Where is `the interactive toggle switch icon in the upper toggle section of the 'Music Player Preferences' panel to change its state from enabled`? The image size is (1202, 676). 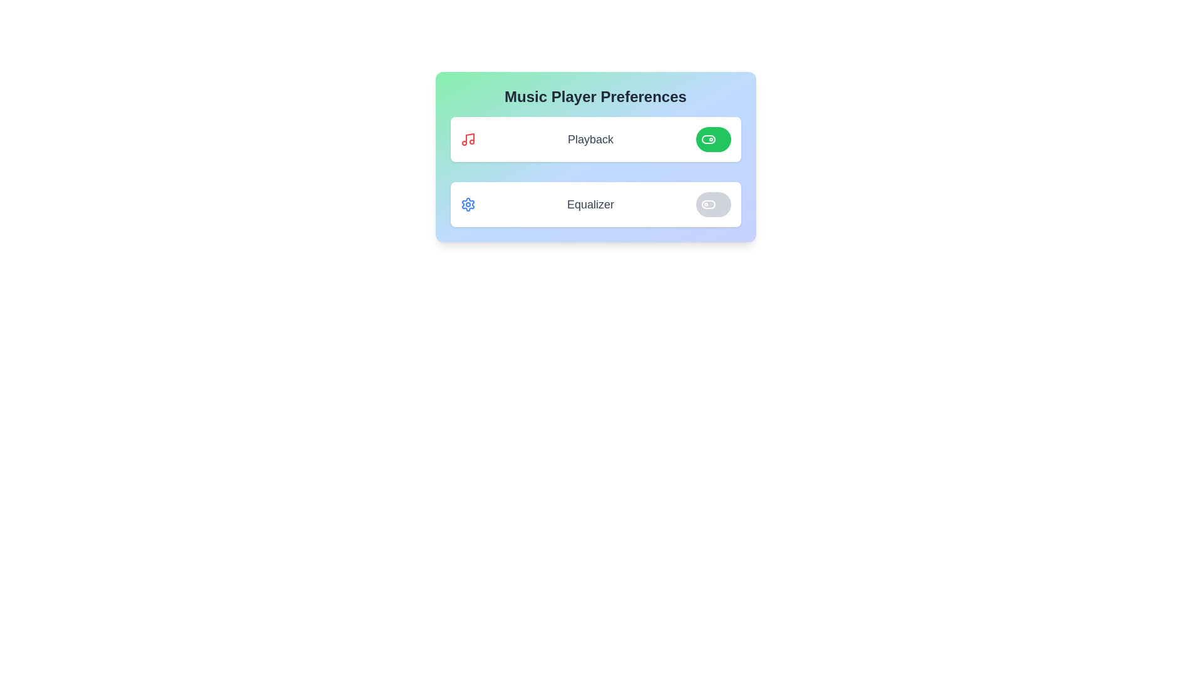
the interactive toggle switch icon in the upper toggle section of the 'Music Player Preferences' panel to change its state from enabled is located at coordinates (708, 140).